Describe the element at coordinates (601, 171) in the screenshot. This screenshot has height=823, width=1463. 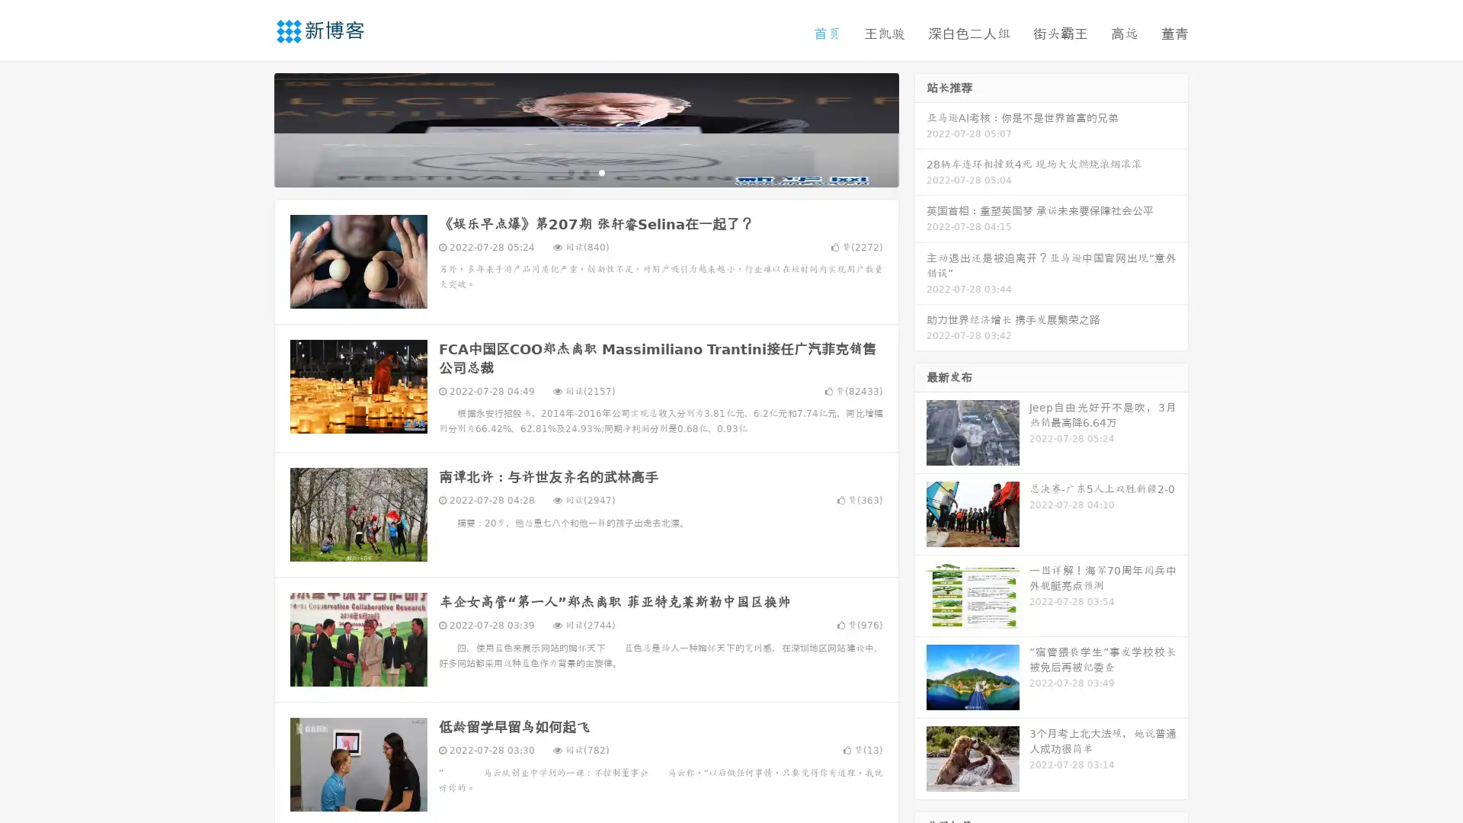
I see `Go to slide 3` at that location.